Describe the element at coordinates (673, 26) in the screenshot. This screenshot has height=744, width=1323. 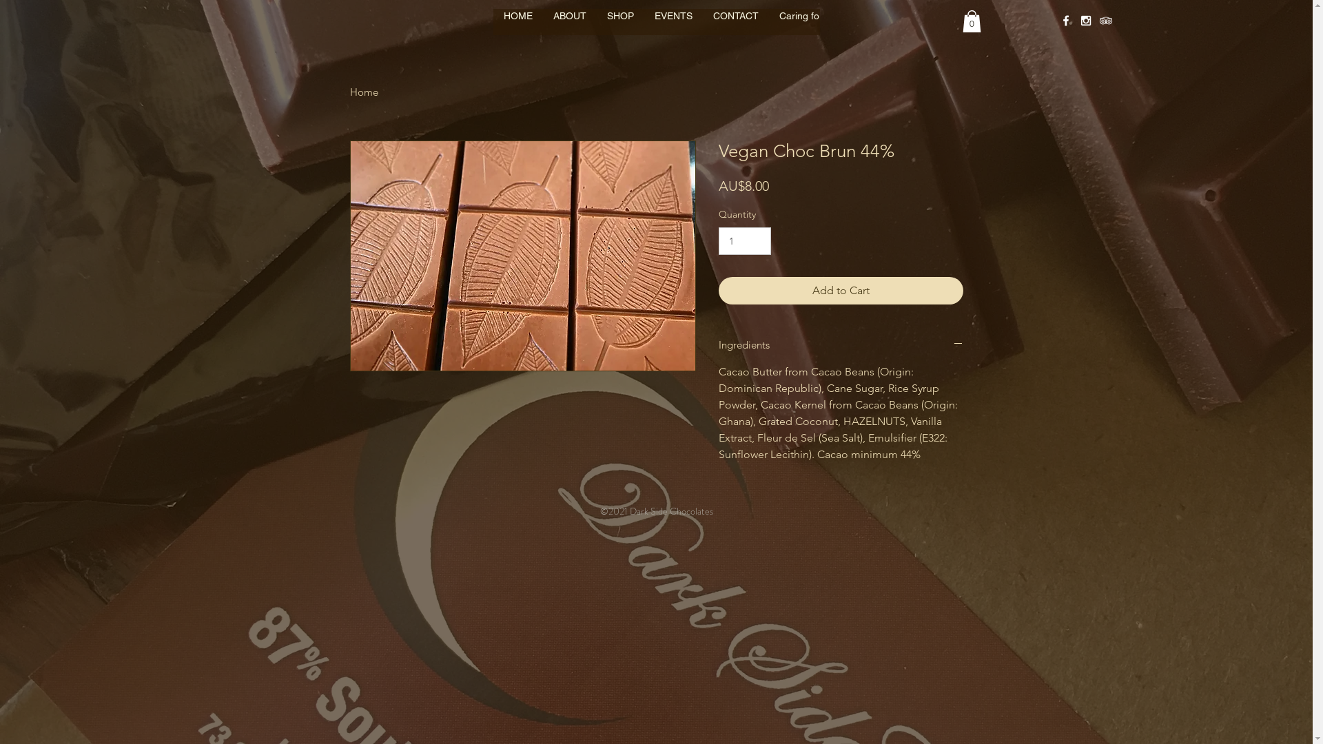
I see `'EVENTS'` at that location.